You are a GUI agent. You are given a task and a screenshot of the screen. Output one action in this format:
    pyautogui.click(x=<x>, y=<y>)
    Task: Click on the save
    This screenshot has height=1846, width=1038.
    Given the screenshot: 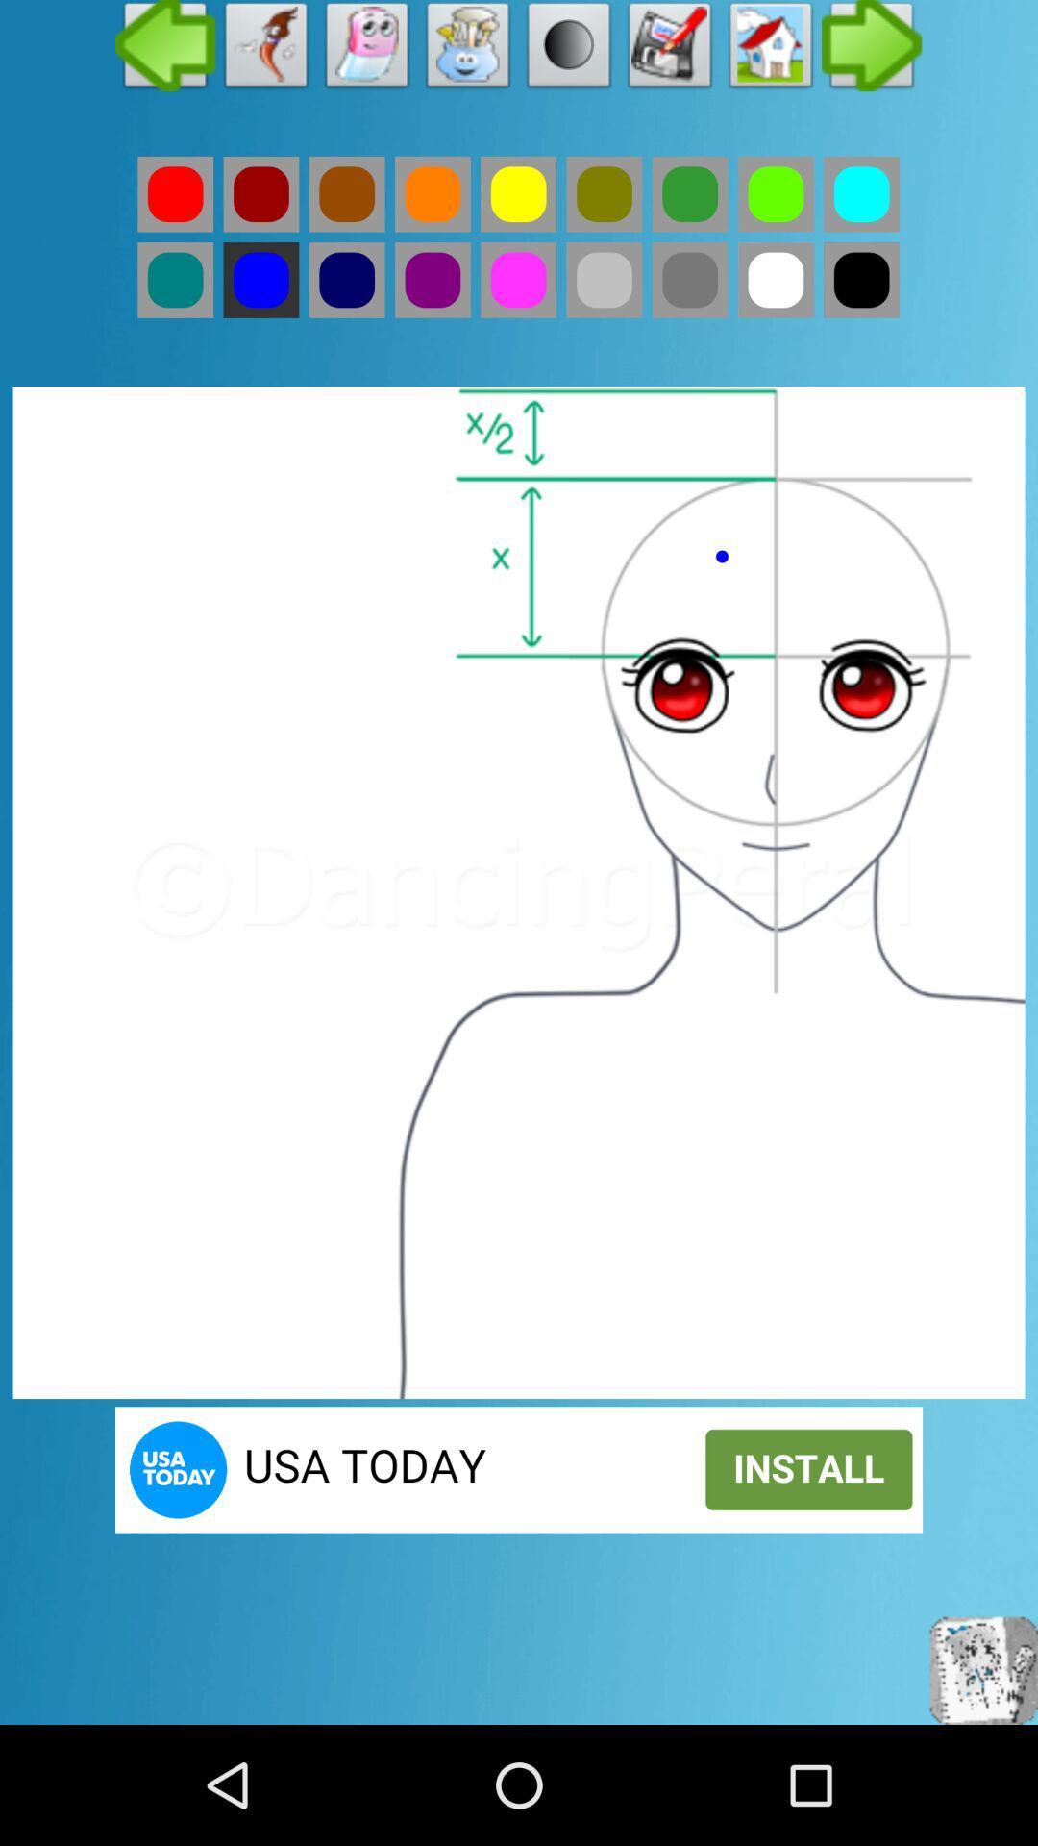 What is the action you would take?
    pyautogui.click(x=669, y=50)
    